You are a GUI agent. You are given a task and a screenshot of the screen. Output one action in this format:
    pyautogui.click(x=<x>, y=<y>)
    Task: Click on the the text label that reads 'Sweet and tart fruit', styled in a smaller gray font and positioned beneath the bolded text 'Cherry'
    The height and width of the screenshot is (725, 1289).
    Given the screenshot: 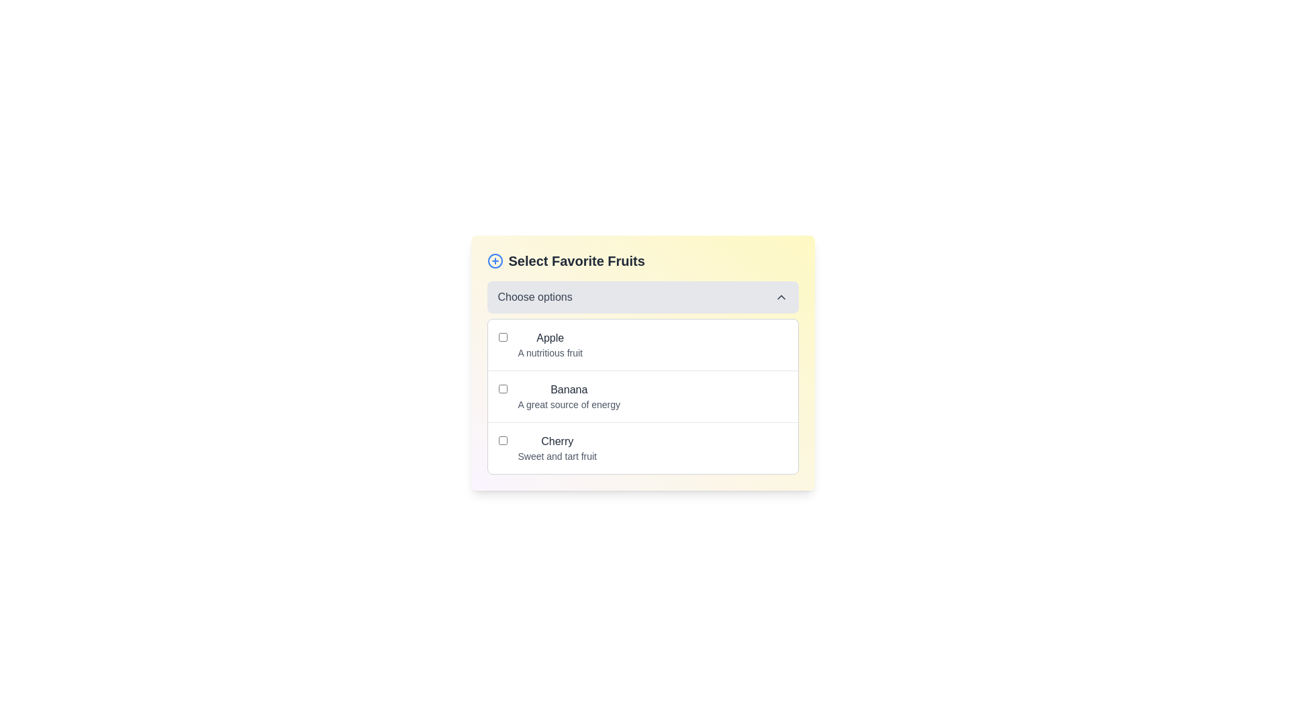 What is the action you would take?
    pyautogui.click(x=557, y=455)
    